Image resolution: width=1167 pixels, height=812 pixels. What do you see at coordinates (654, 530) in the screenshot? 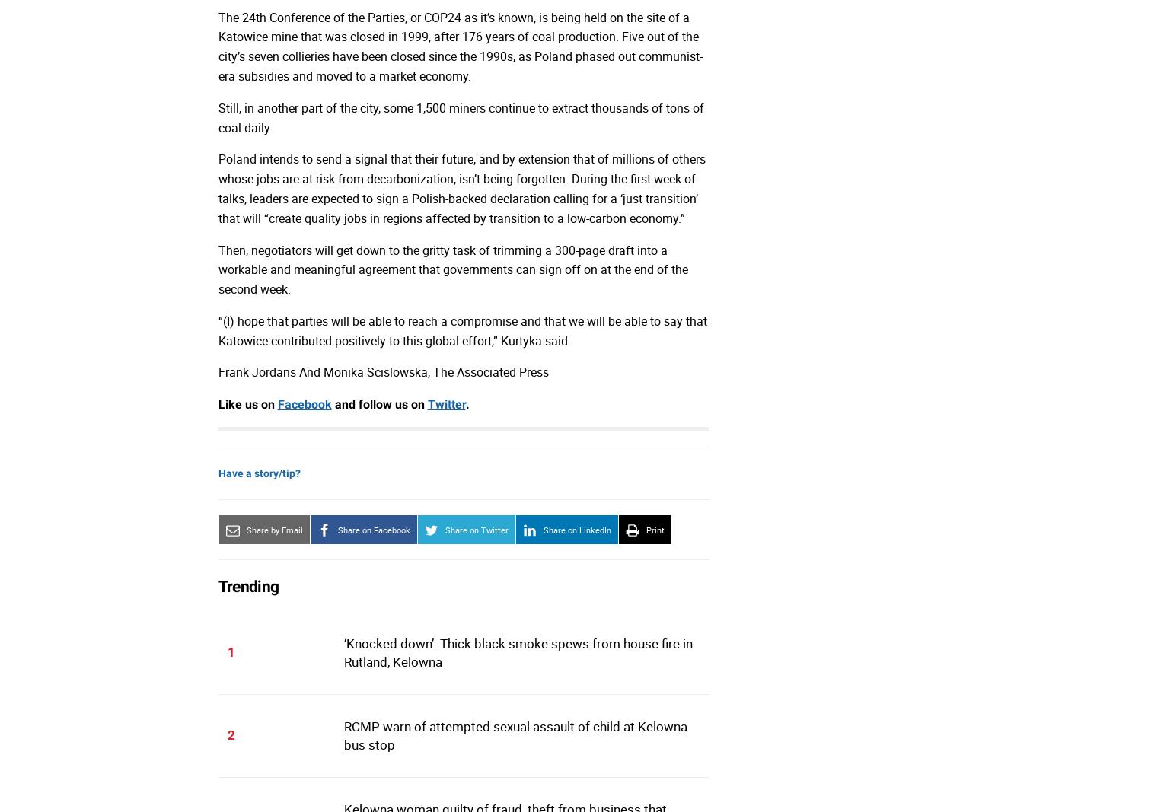
I see `'Print'` at bounding box center [654, 530].